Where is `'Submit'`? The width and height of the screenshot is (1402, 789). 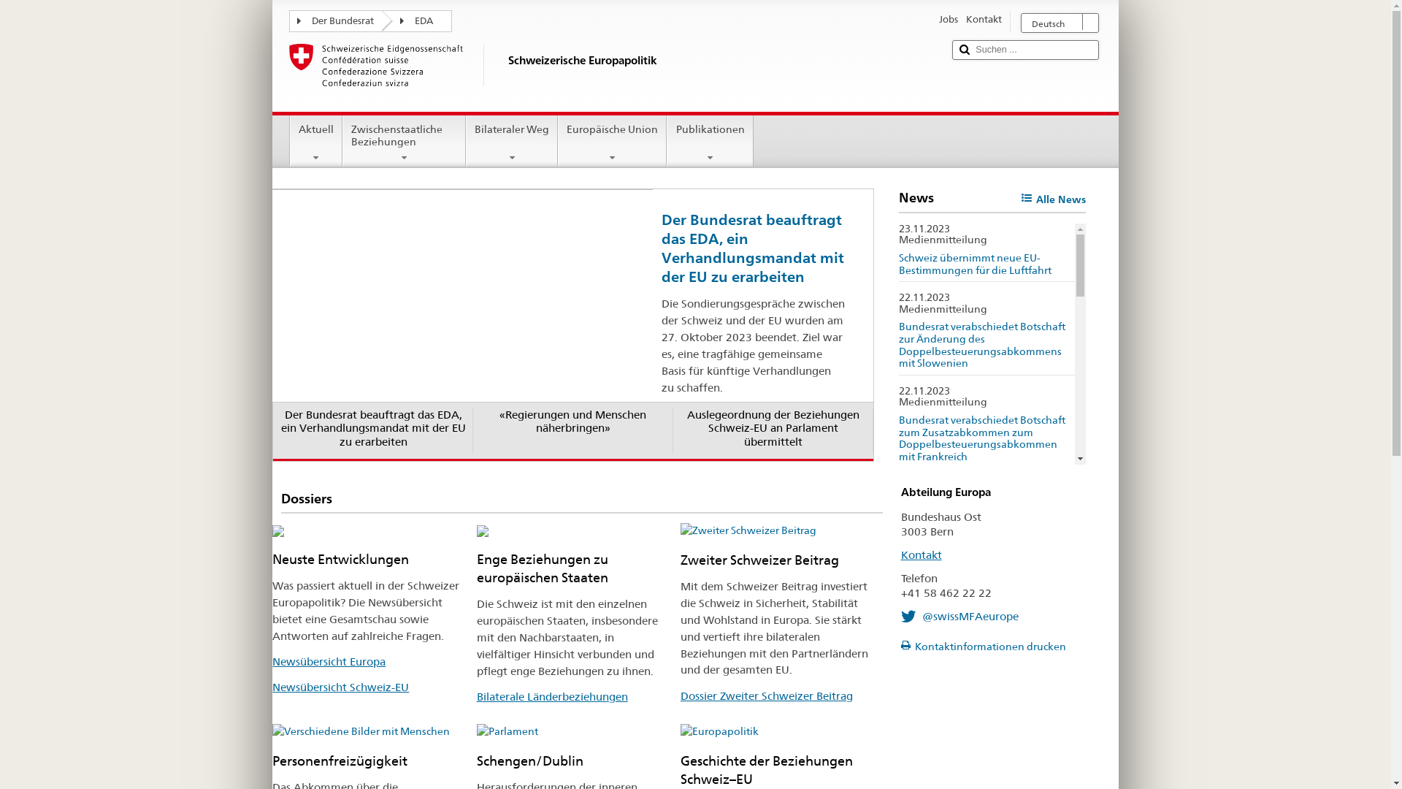 'Submit' is located at coordinates (964, 49).